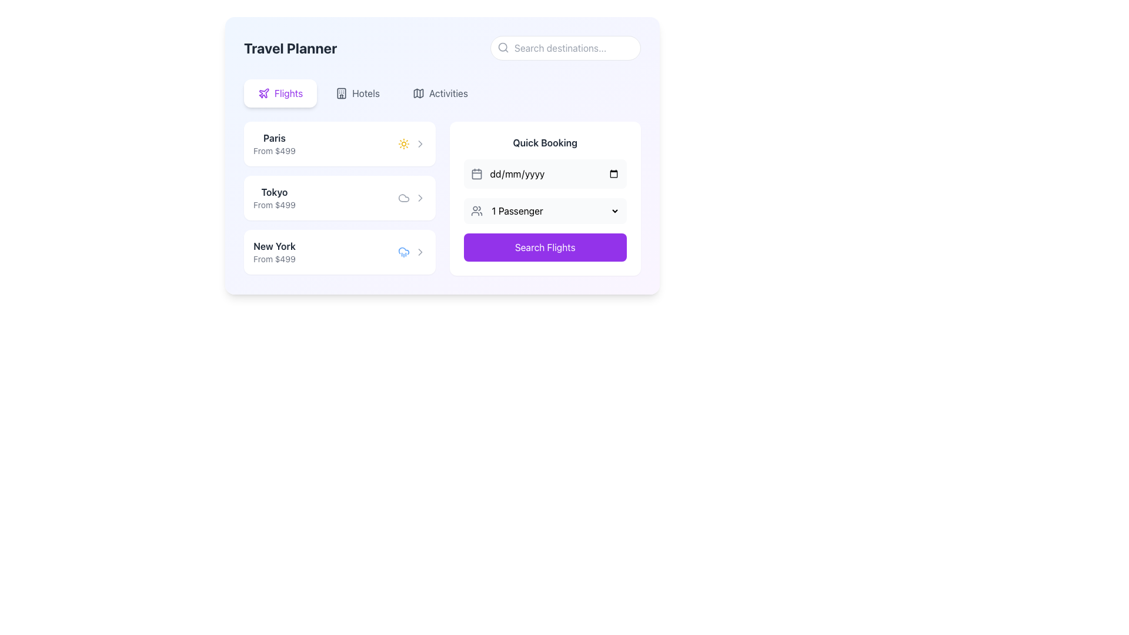 This screenshot has width=1129, height=635. I want to click on the navigation menu or tab bar in the 'Travel Planner' section, so click(442, 92).